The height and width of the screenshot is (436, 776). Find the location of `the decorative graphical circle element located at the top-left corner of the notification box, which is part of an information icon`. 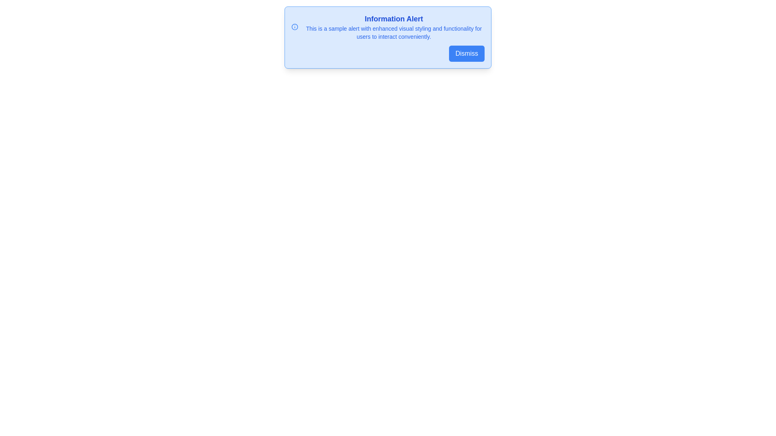

the decorative graphical circle element located at the top-left corner of the notification box, which is part of an information icon is located at coordinates (294, 26).